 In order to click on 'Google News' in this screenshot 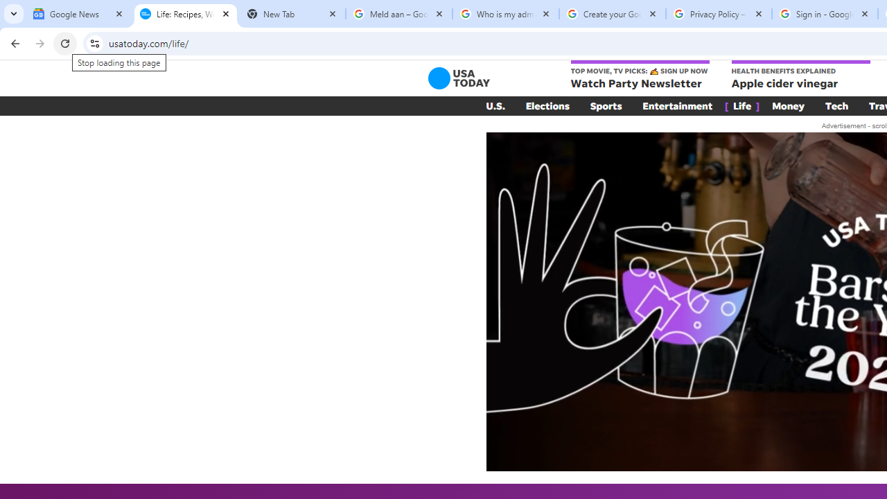, I will do `click(78, 14)`.